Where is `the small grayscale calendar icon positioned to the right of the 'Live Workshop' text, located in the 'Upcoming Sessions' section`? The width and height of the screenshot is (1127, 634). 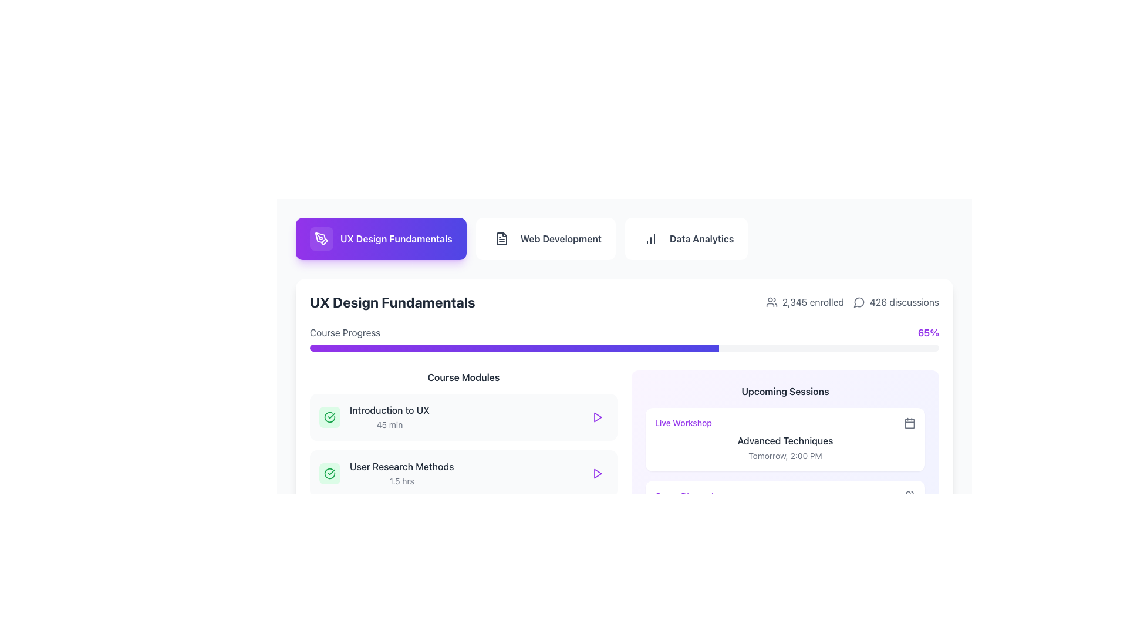
the small grayscale calendar icon positioned to the right of the 'Live Workshop' text, located in the 'Upcoming Sessions' section is located at coordinates (909, 423).